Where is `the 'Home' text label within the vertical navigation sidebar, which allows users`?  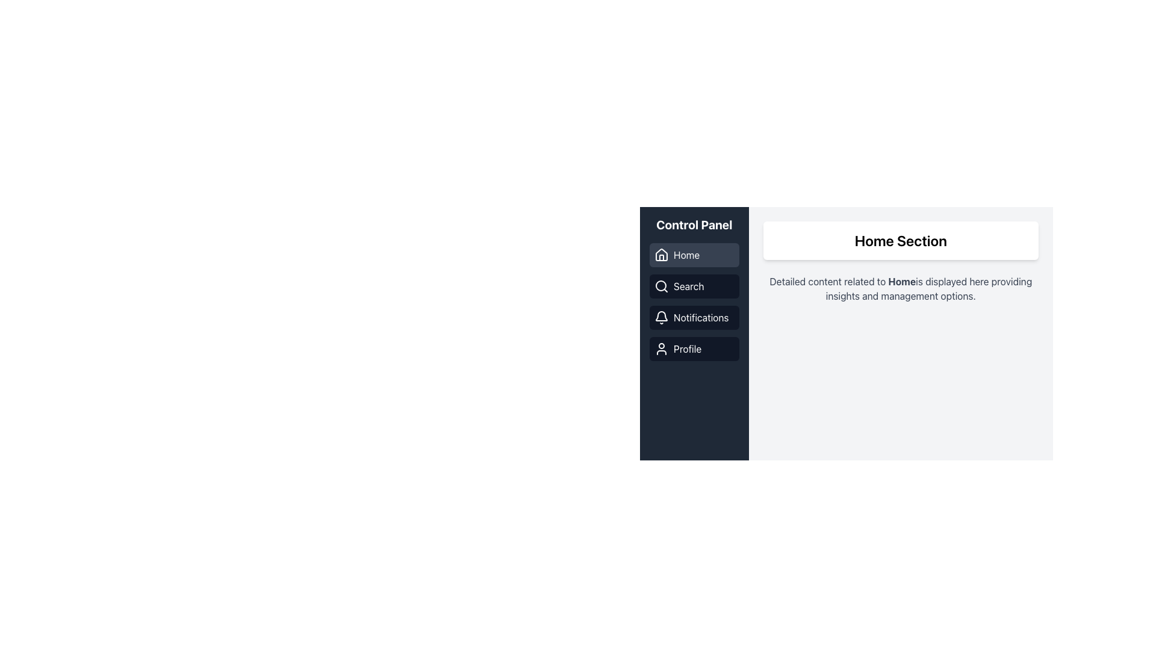 the 'Home' text label within the vertical navigation sidebar, which allows users is located at coordinates (686, 255).